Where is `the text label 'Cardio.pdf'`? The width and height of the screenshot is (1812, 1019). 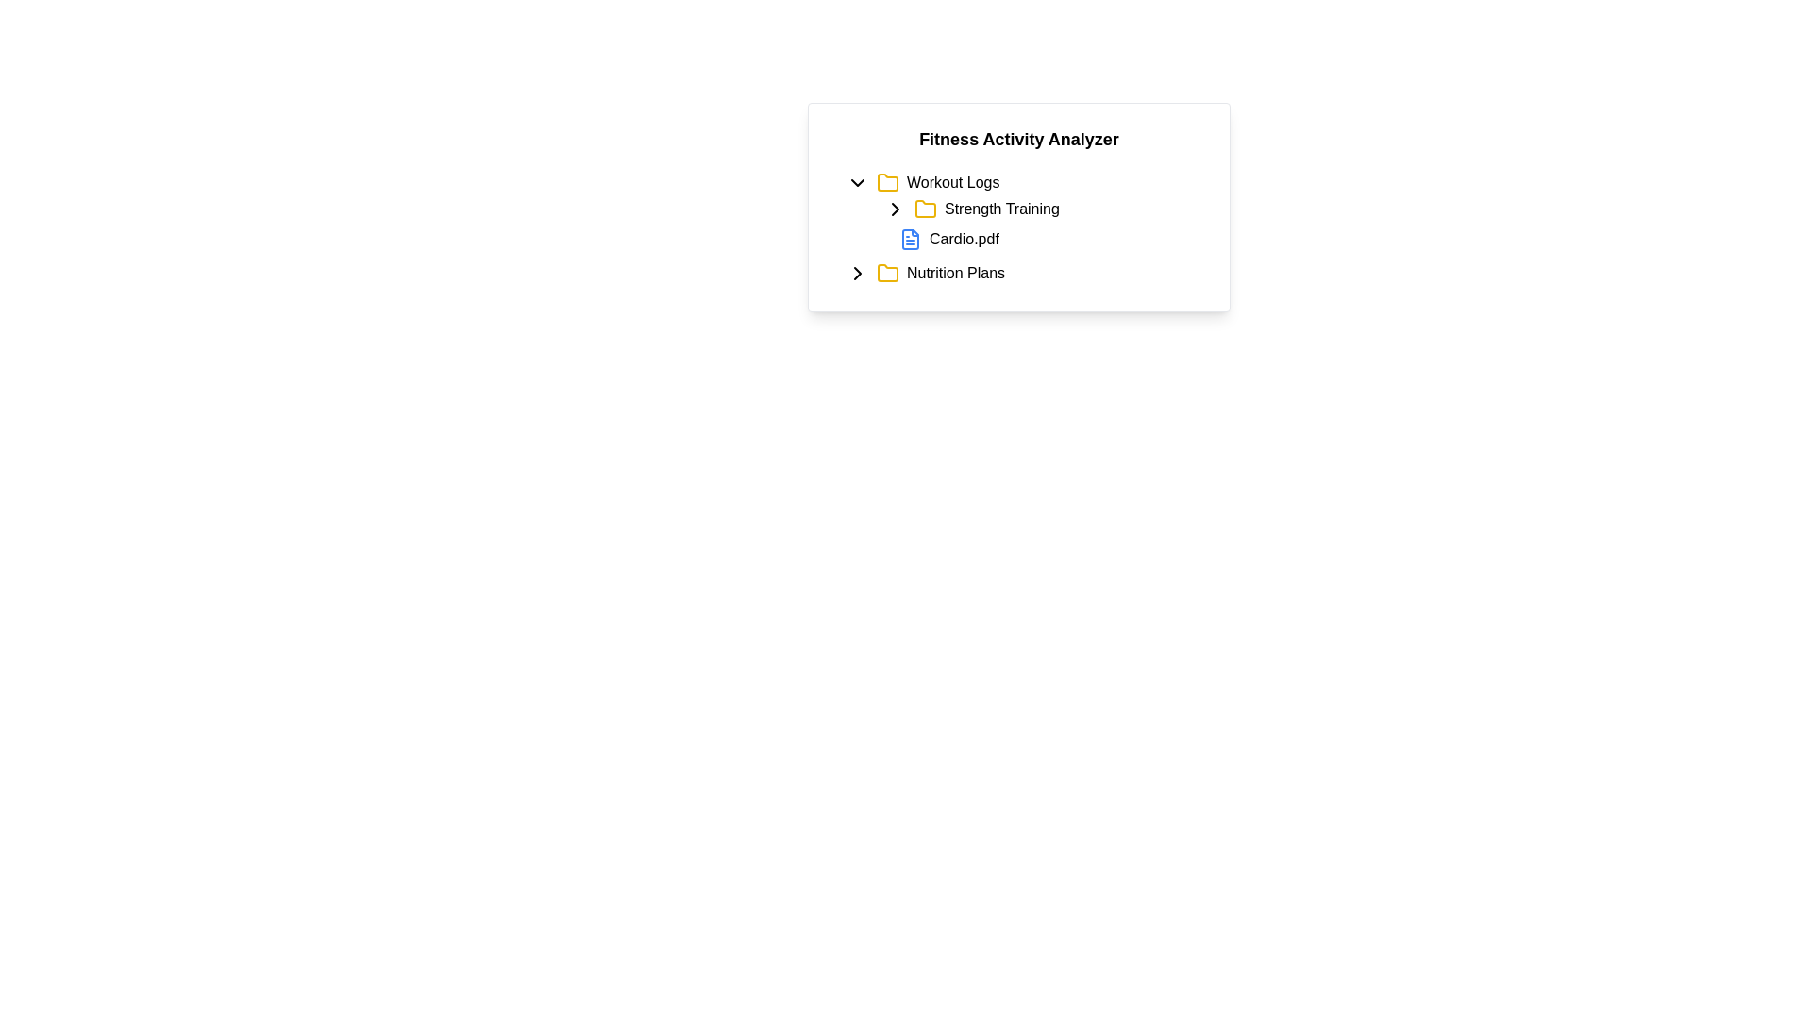 the text label 'Cardio.pdf' is located at coordinates (964, 239).